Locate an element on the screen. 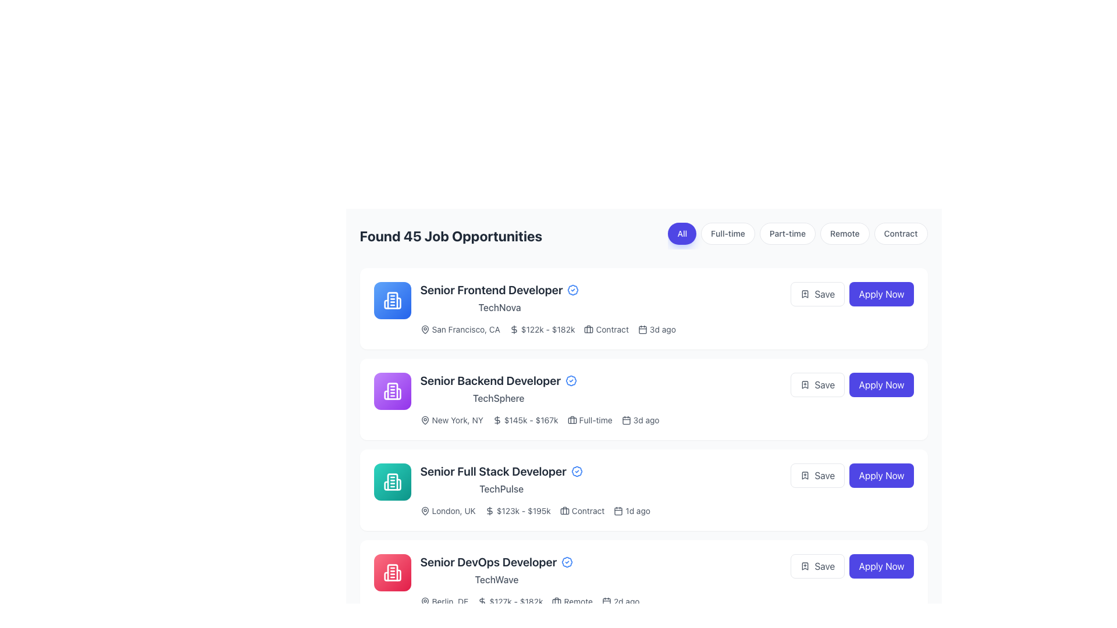 This screenshot has width=1117, height=628. the 'Apply Now' button with a blue background and white text, located to the right of the 'Save' button in the job listing for 'Senior Full Stack Developer' at 'TechPulse' is located at coordinates (852, 475).